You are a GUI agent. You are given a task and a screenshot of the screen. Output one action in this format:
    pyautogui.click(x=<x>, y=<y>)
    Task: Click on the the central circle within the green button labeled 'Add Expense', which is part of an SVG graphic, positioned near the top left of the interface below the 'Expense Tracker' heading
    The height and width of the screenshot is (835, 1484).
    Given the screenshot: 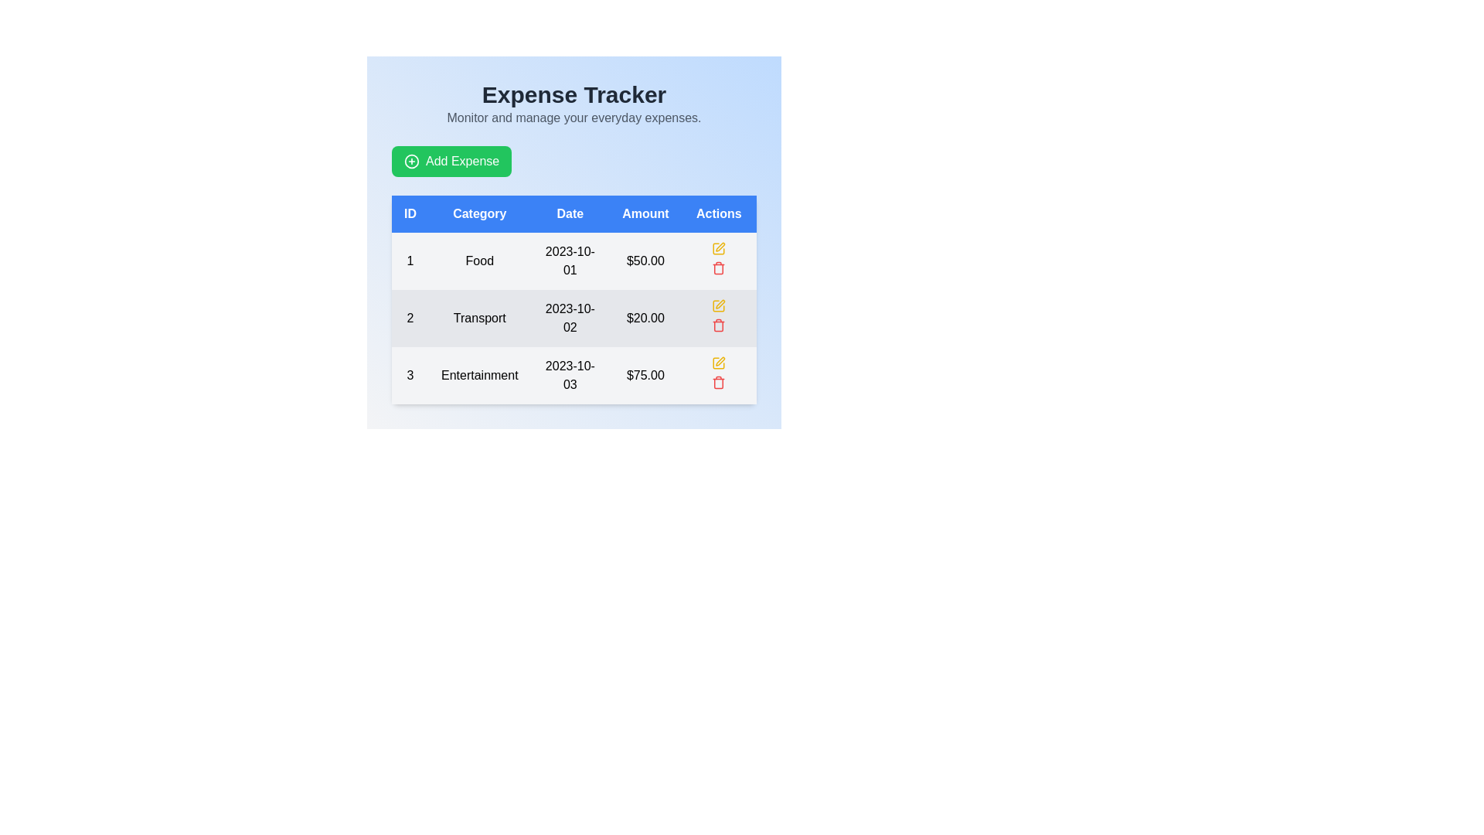 What is the action you would take?
    pyautogui.click(x=411, y=161)
    